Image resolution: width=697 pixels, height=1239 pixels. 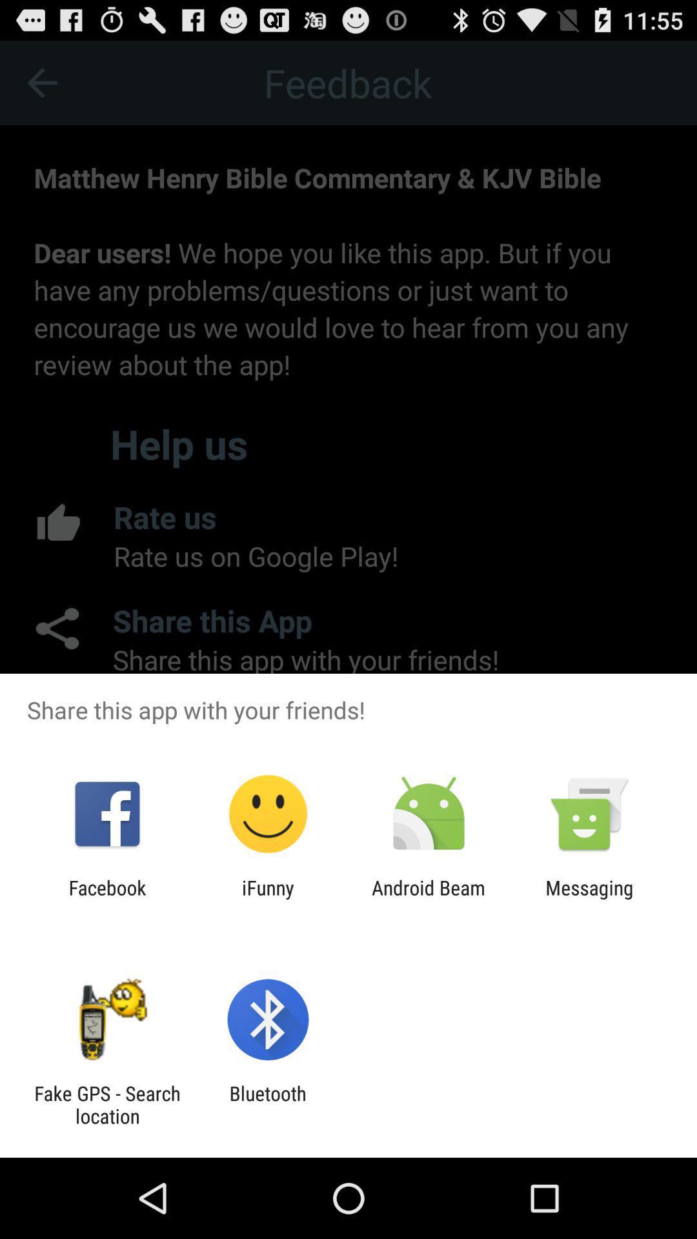 I want to click on the bluetooth app, so click(x=267, y=1104).